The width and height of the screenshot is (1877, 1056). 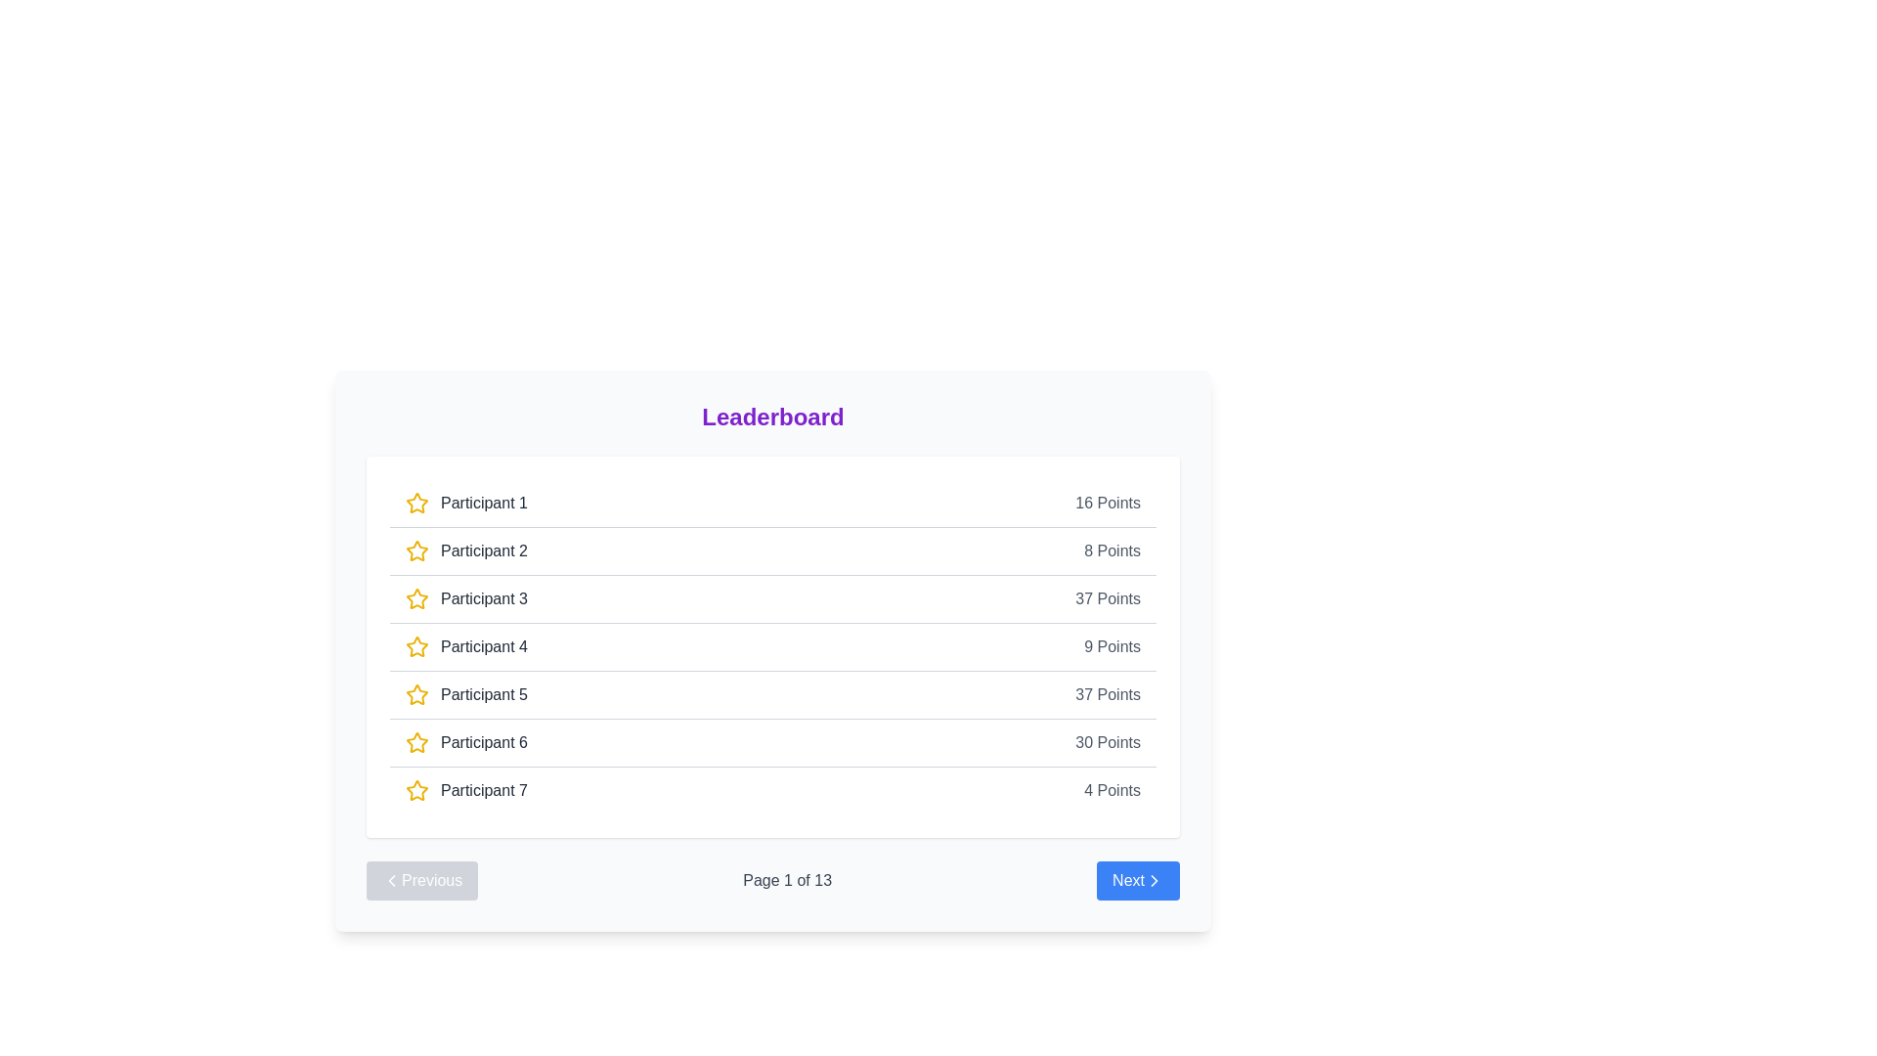 What do you see at coordinates (465, 693) in the screenshot?
I see `text displayed in the fifth row of the ranked leaderboard, which shows the name of a participant, centrally aligned and to the right of the star icon` at bounding box center [465, 693].